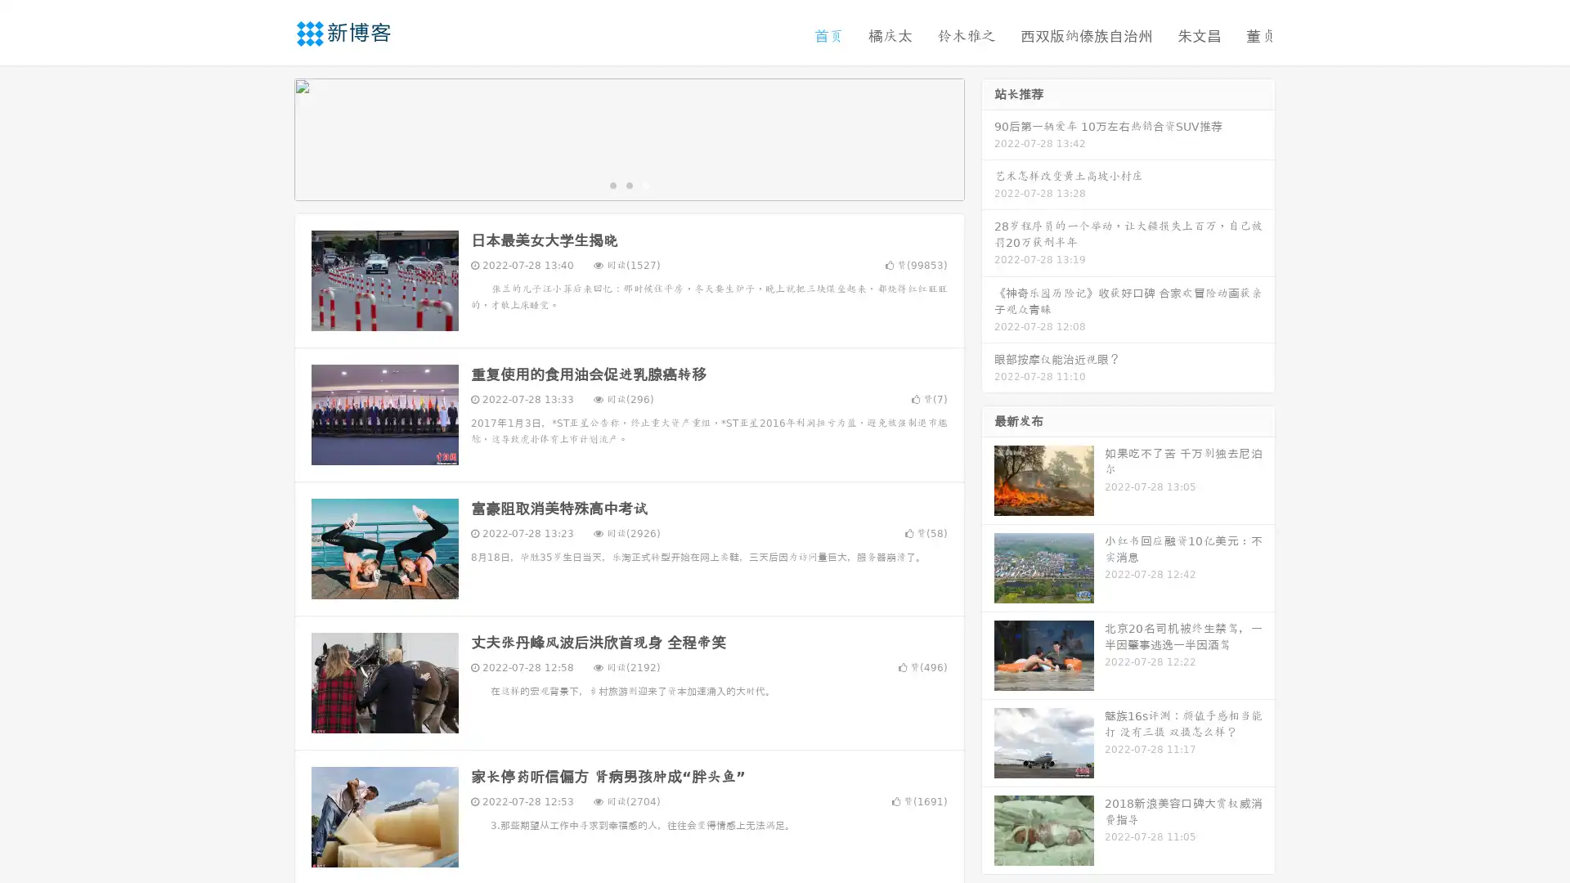 The height and width of the screenshot is (883, 1570). Describe the element at coordinates (628, 184) in the screenshot. I see `Go to slide 2` at that location.